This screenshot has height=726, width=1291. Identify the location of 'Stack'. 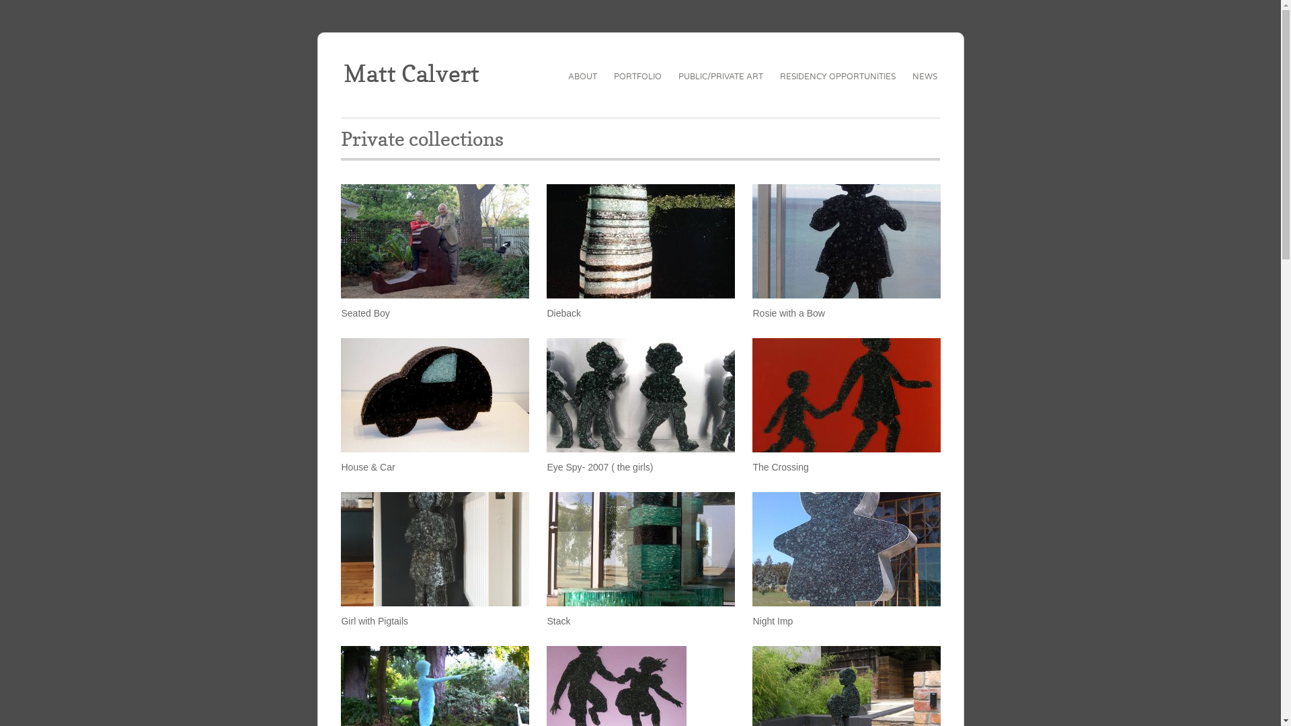
(558, 621).